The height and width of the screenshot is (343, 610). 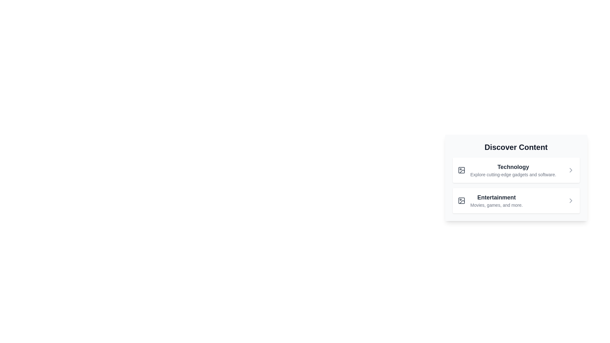 What do you see at coordinates (461, 170) in the screenshot?
I see `the minimalist gray icon styled as an image outline, located to the left of the 'Technology' text within the 'Discover Content' section` at bounding box center [461, 170].